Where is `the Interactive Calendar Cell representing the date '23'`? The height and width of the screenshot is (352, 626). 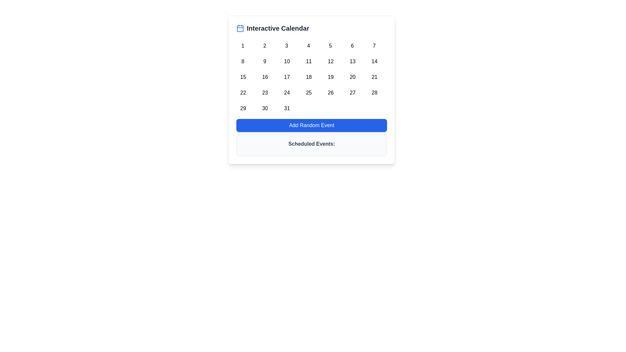 the Interactive Calendar Cell representing the date '23' is located at coordinates (264, 92).